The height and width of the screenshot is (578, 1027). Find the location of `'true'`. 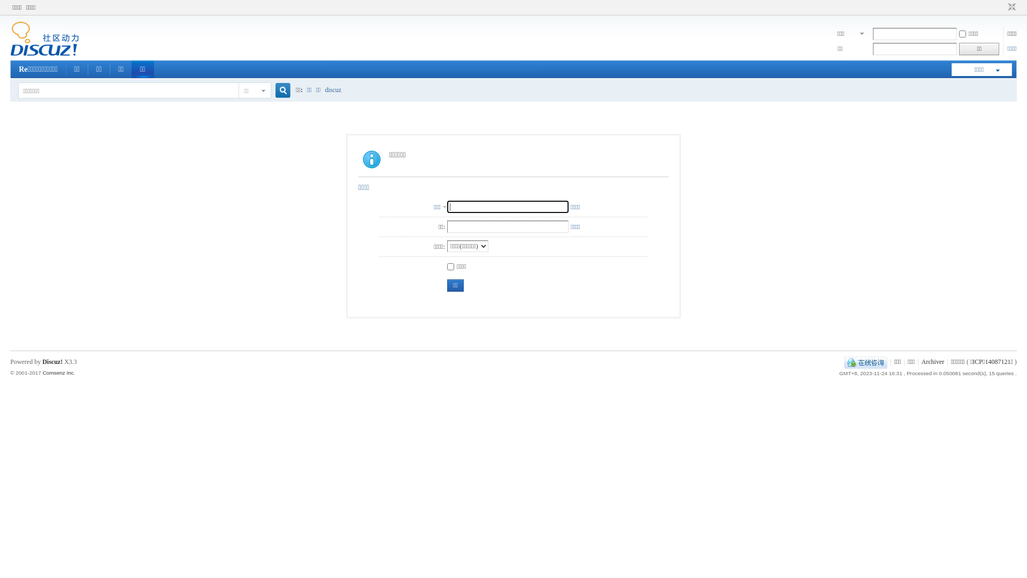

'true' is located at coordinates (279, 90).